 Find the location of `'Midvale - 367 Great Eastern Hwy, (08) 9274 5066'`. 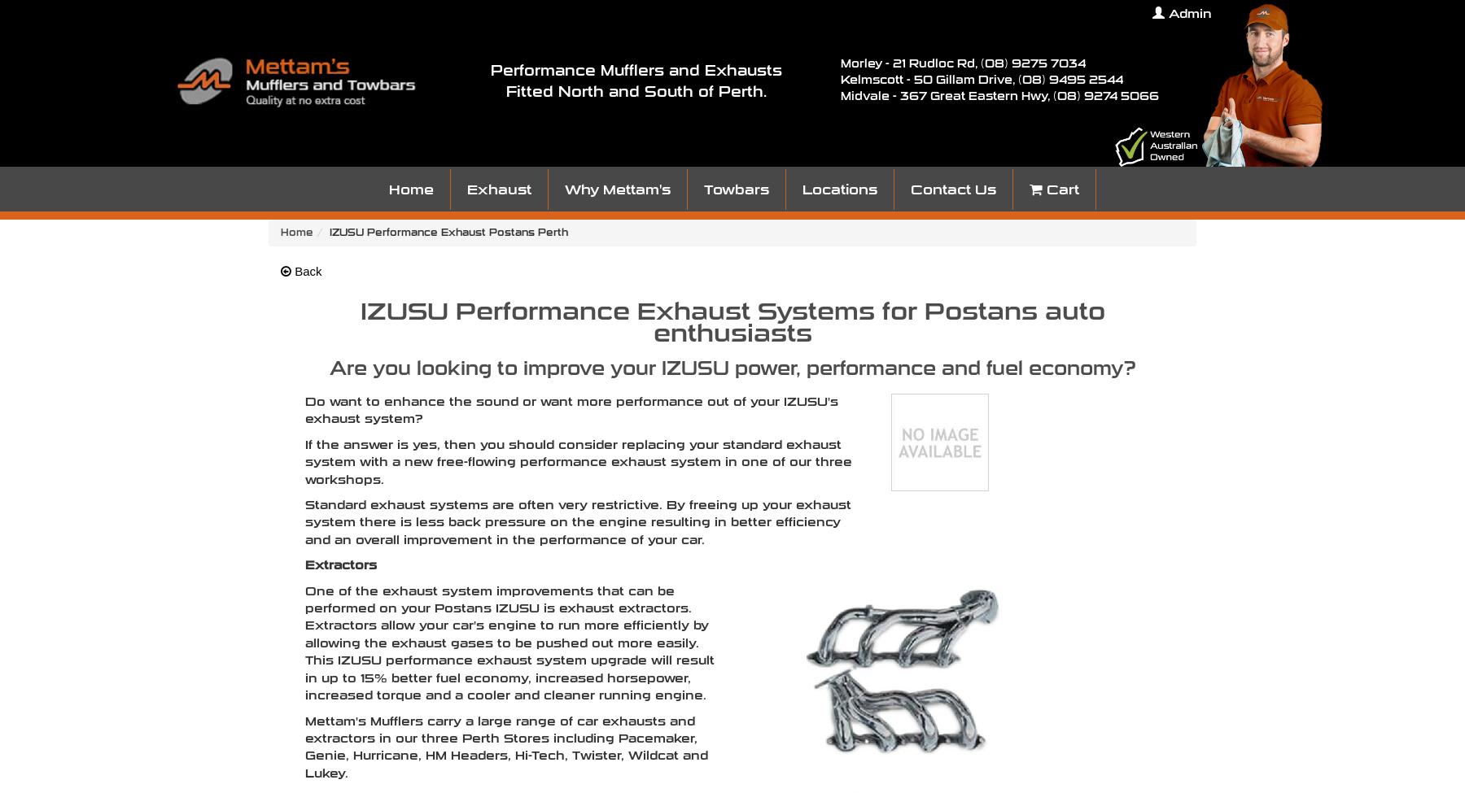

'Midvale - 367 Great Eastern Hwy, (08) 9274 5066' is located at coordinates (841, 95).